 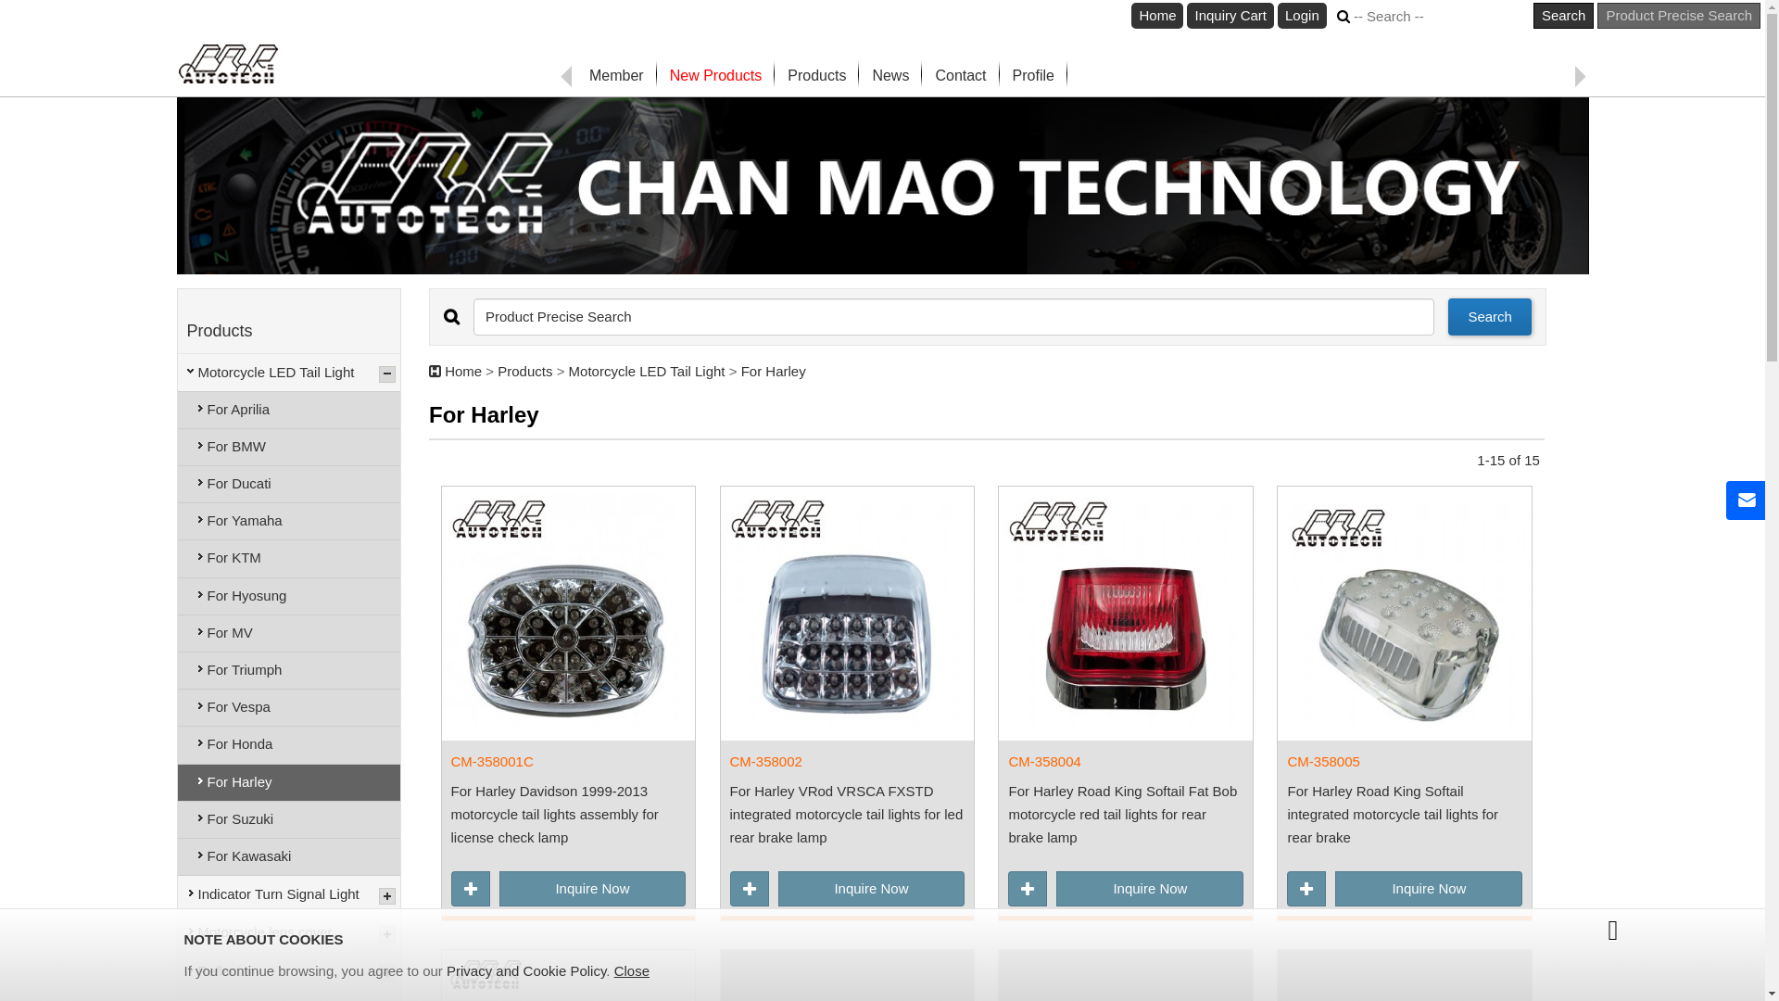 What do you see at coordinates (288, 521) in the screenshot?
I see `'For Yamaha'` at bounding box center [288, 521].